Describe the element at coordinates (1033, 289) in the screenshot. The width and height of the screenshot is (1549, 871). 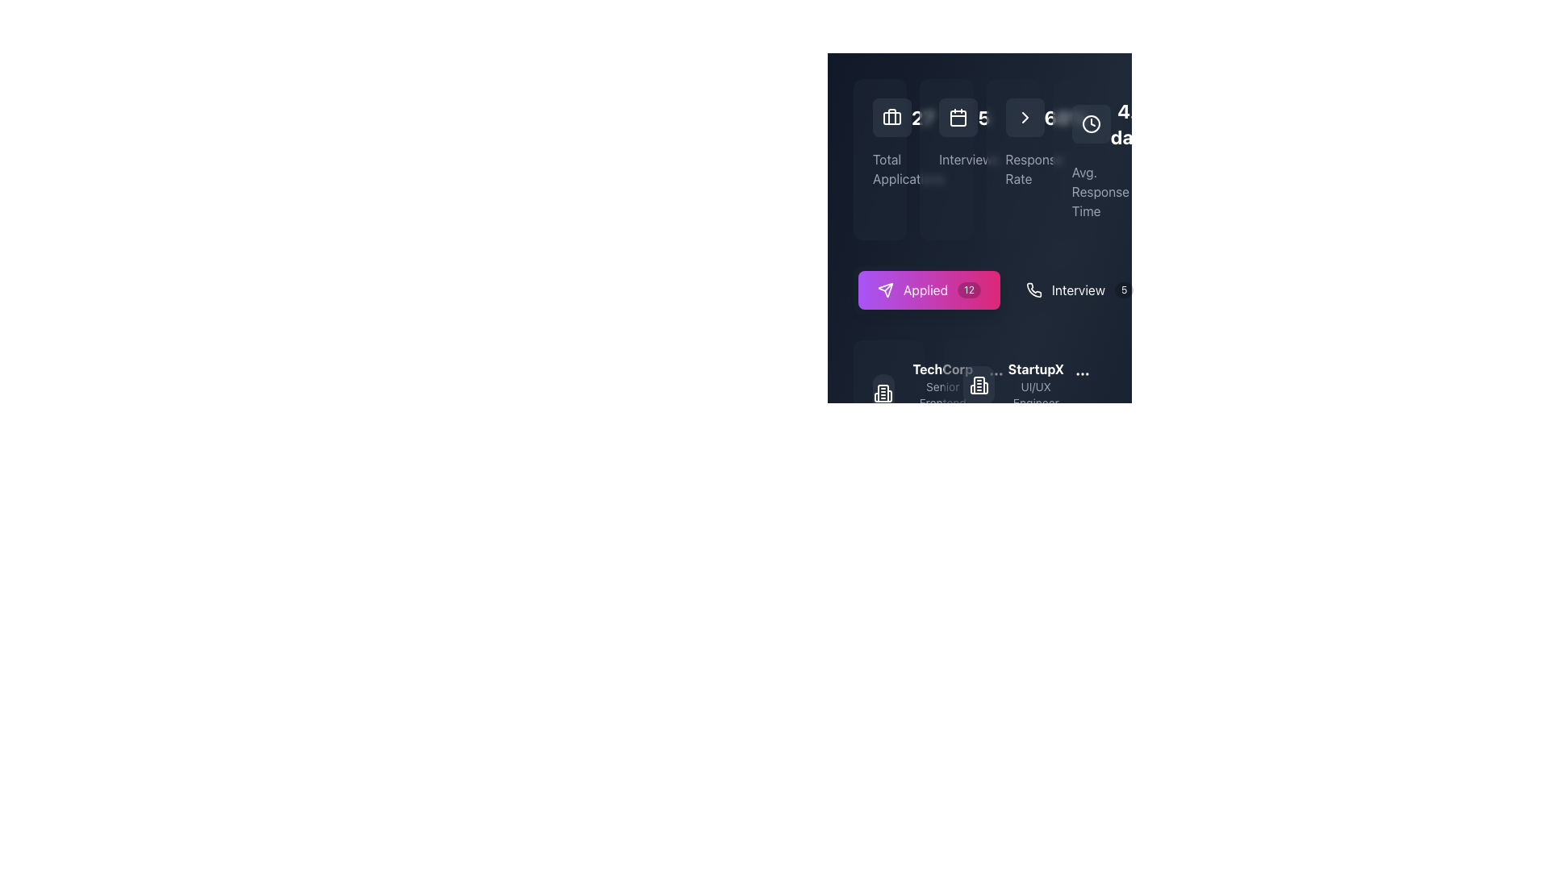
I see `the visual appearance of the telephone receiver icon located in the toolbar, positioned slightly to the right and midway down the interface` at that location.